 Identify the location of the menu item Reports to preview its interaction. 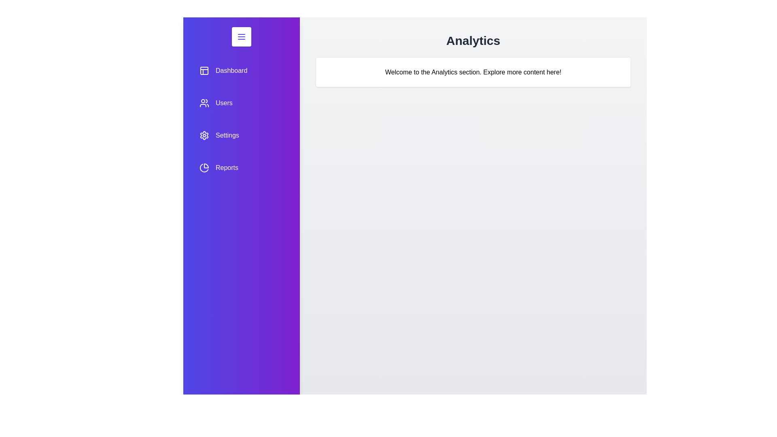
(241, 168).